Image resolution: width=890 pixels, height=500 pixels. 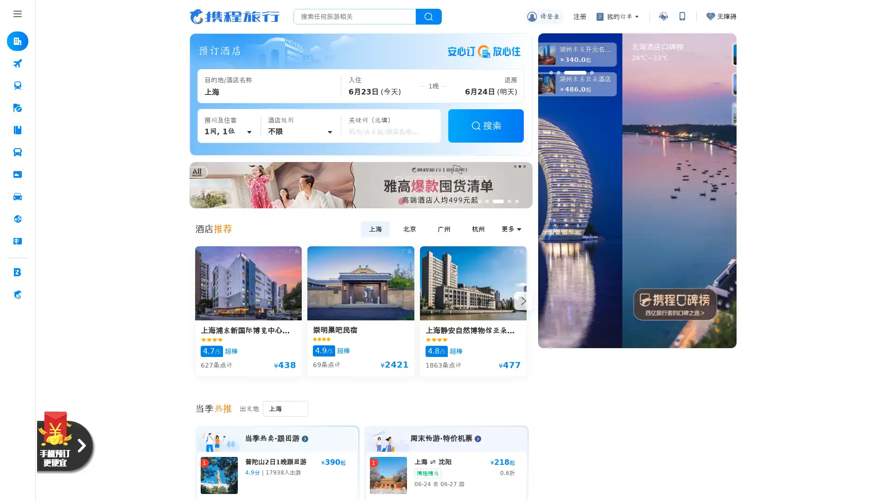 I want to click on Go to slide 5, so click(x=515, y=201).